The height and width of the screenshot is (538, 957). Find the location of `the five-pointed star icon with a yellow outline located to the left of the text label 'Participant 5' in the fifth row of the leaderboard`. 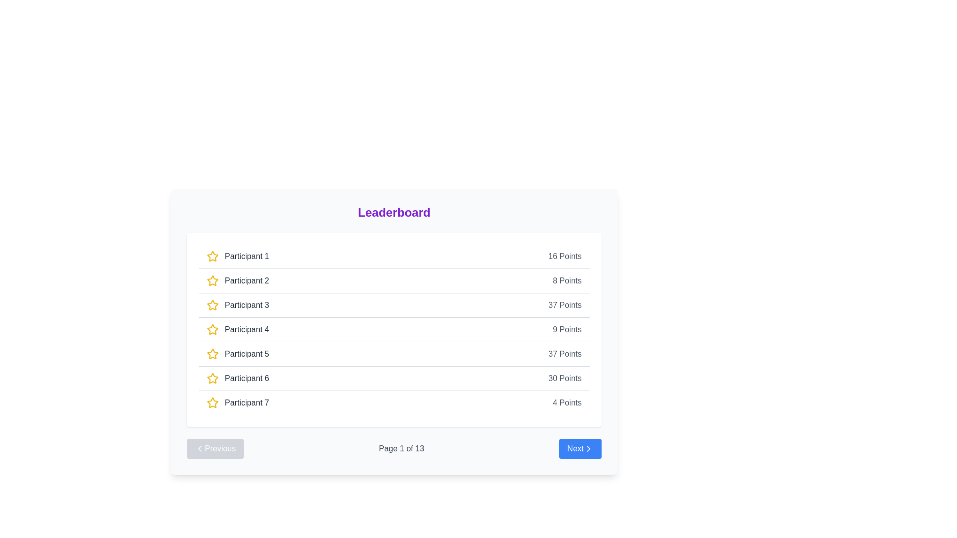

the five-pointed star icon with a yellow outline located to the left of the text label 'Participant 5' in the fifth row of the leaderboard is located at coordinates (212, 353).